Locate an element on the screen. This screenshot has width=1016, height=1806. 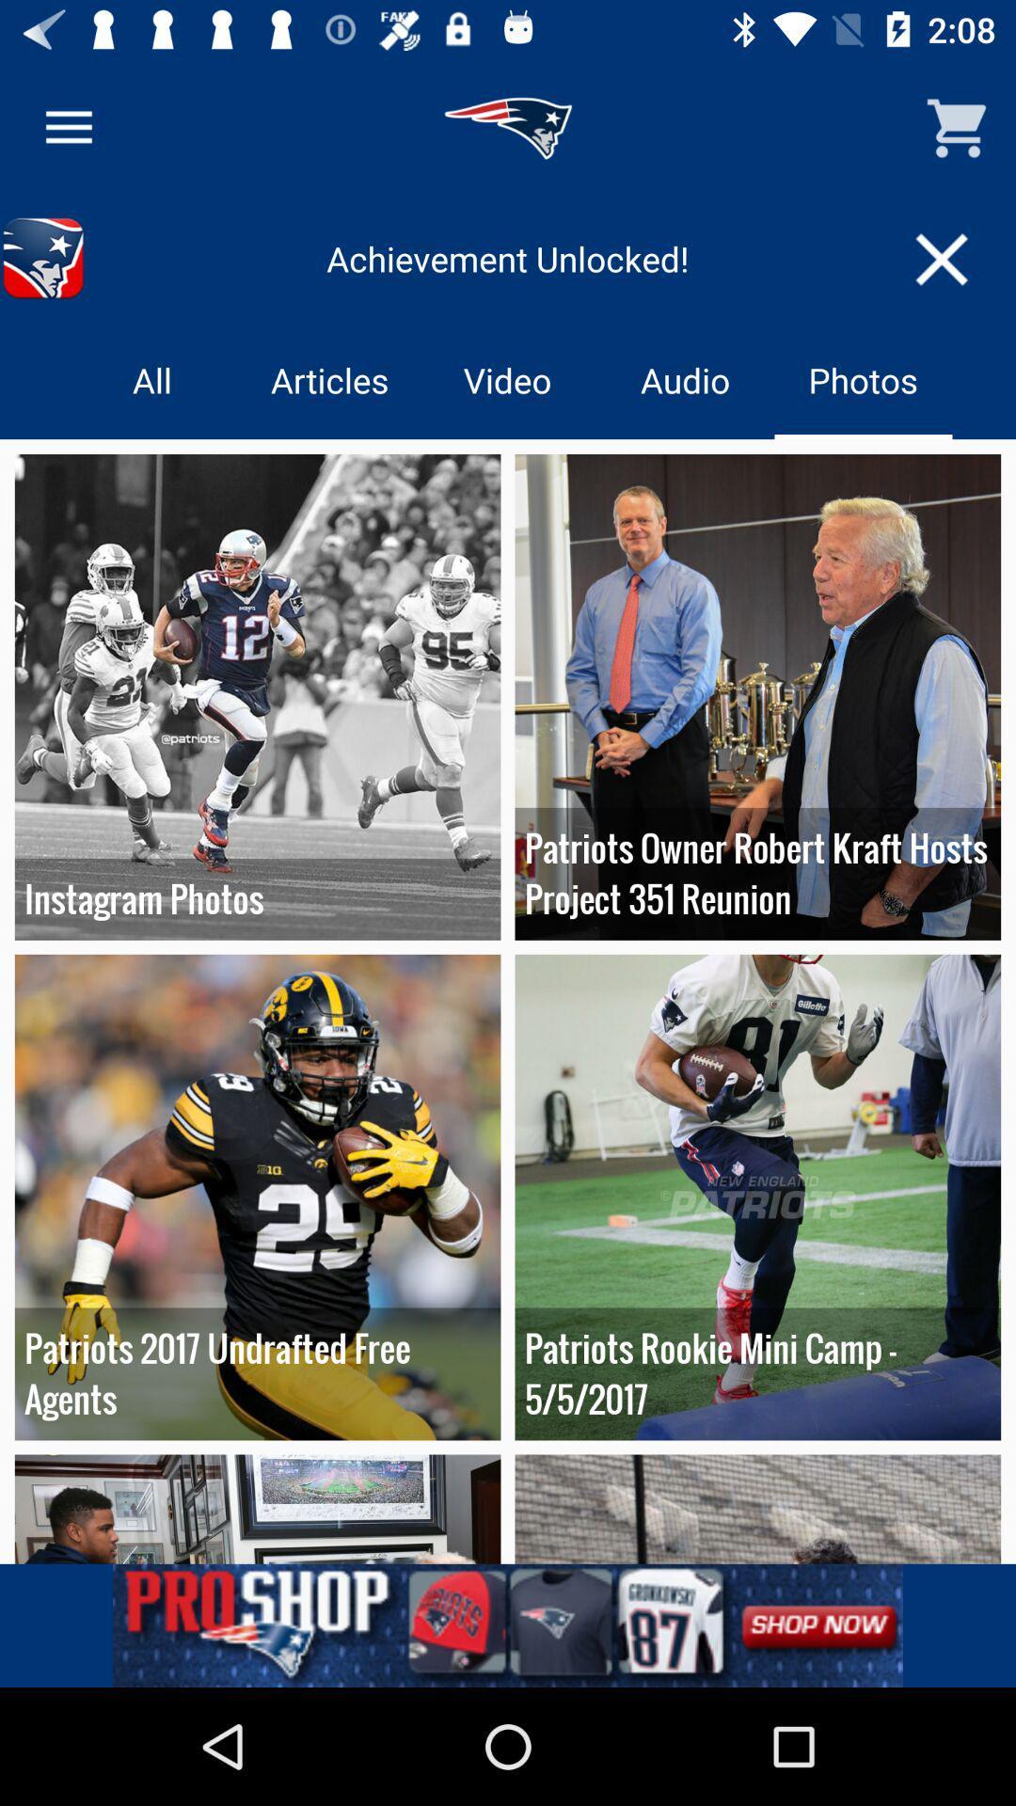
the icon to the left side of cart icon is located at coordinates (508, 128).